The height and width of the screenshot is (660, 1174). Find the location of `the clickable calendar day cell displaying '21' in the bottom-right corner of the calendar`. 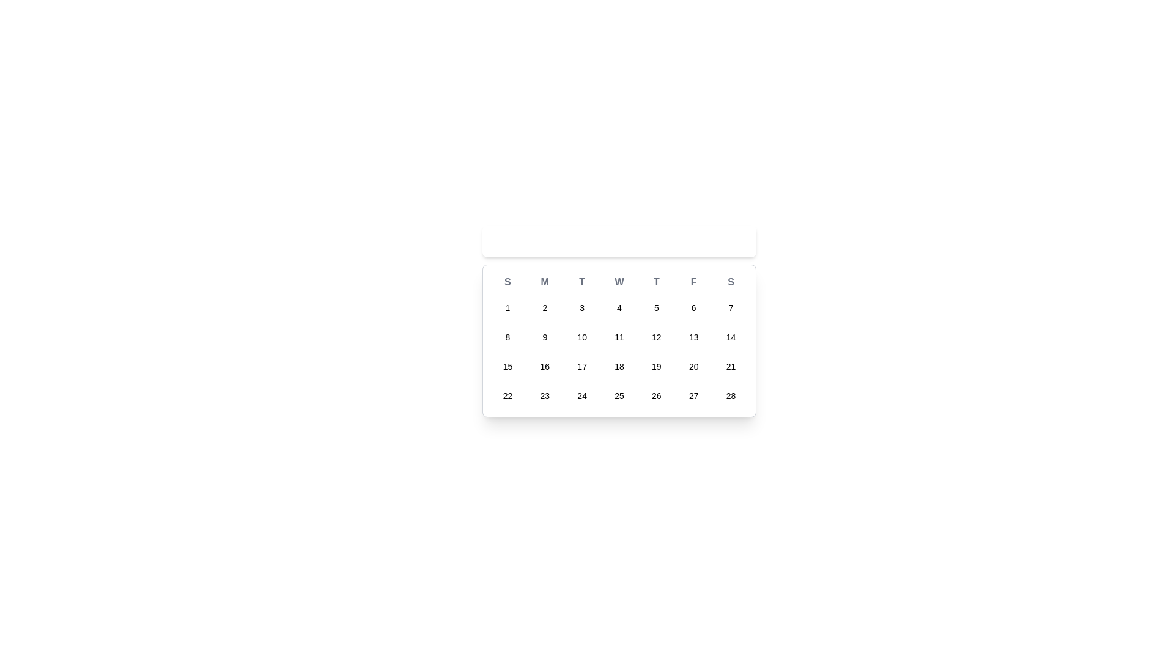

the clickable calendar day cell displaying '21' in the bottom-right corner of the calendar is located at coordinates (731, 366).